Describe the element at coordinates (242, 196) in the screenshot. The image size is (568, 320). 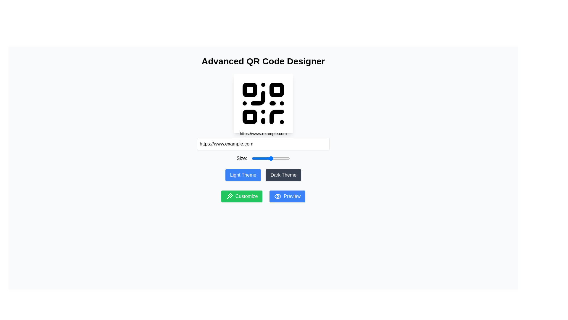
I see `the 'Customize' button located in the center-lower part of the interface, directly to the left of the 'Preview' button` at that location.